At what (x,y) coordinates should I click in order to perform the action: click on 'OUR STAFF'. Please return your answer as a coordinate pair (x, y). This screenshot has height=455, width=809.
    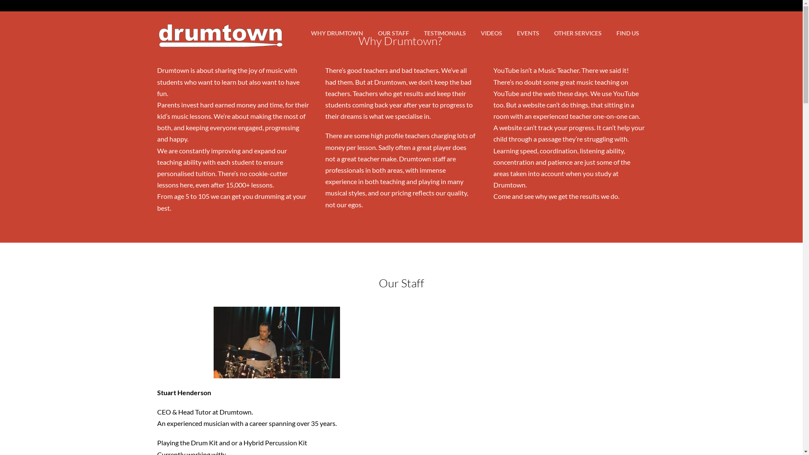
    Looking at the image, I should click on (392, 33).